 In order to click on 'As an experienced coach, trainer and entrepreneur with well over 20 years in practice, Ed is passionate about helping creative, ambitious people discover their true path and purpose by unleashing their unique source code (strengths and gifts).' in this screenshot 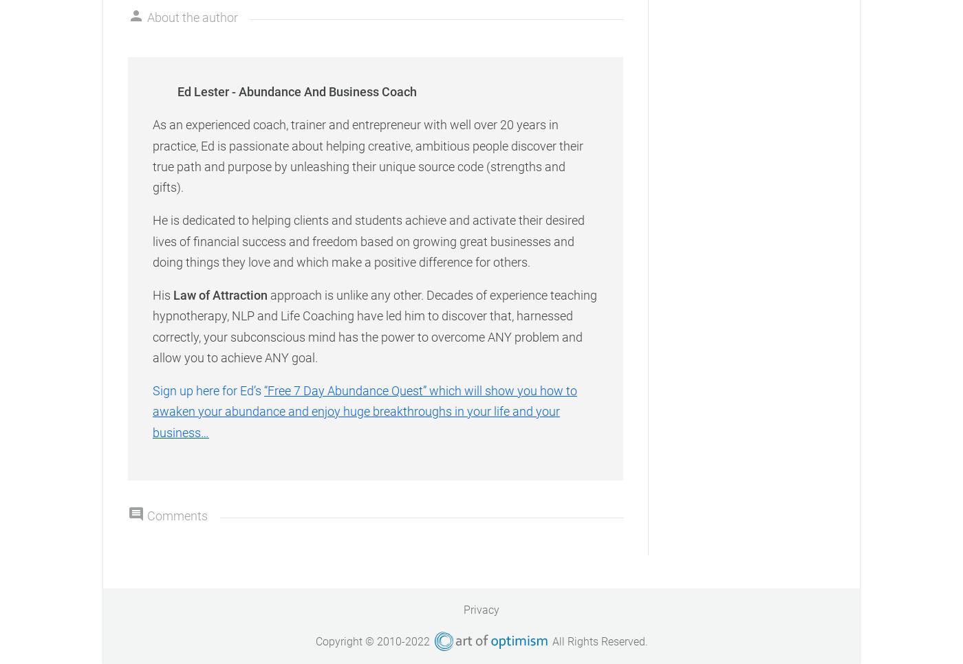, I will do `click(367, 155)`.